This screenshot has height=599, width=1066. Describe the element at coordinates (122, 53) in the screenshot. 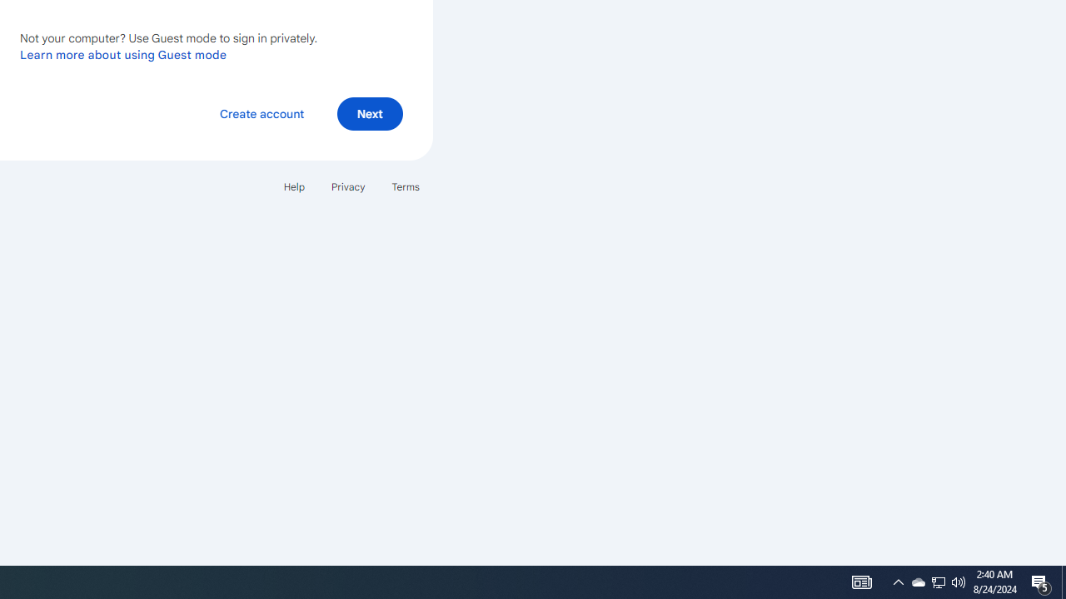

I see `'Learn more about using Guest mode'` at that location.